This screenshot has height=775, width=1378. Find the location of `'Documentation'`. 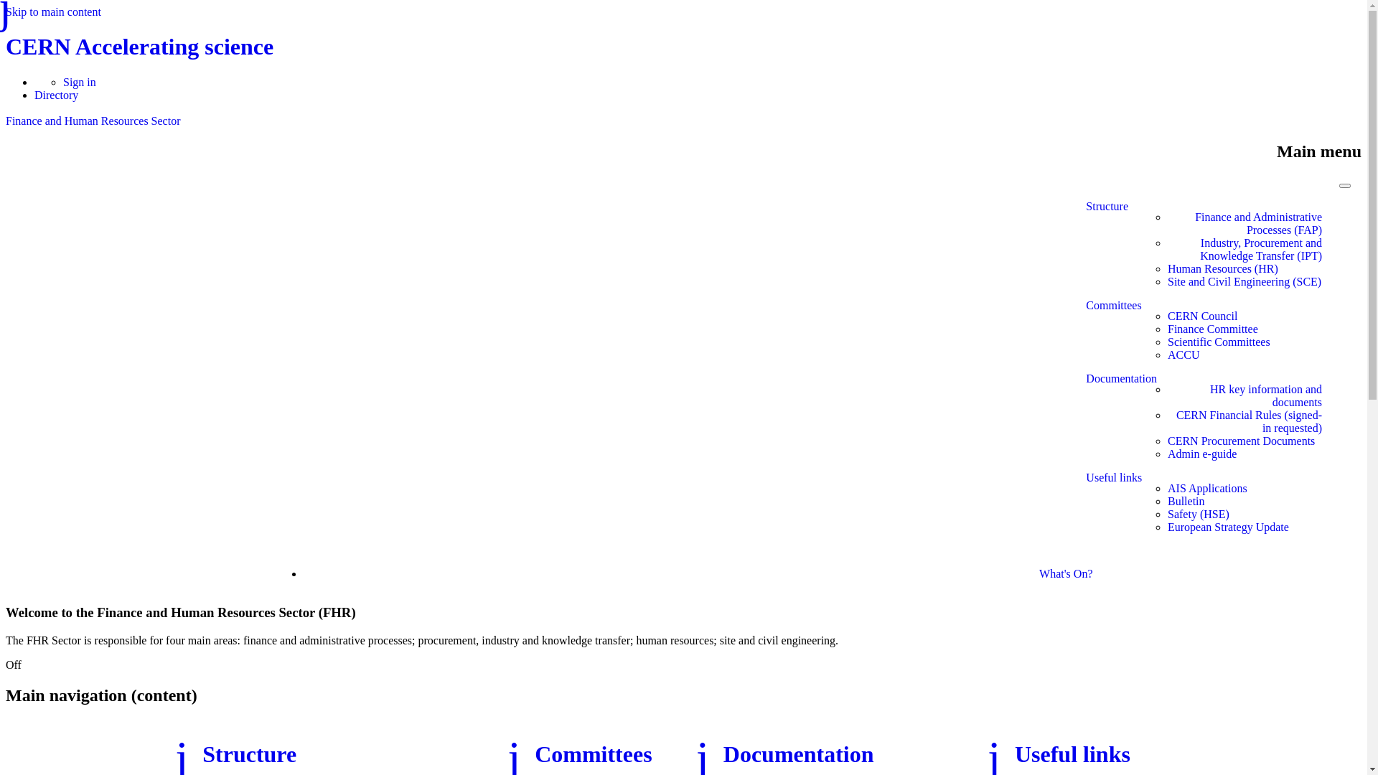

'Documentation' is located at coordinates (1085, 421).